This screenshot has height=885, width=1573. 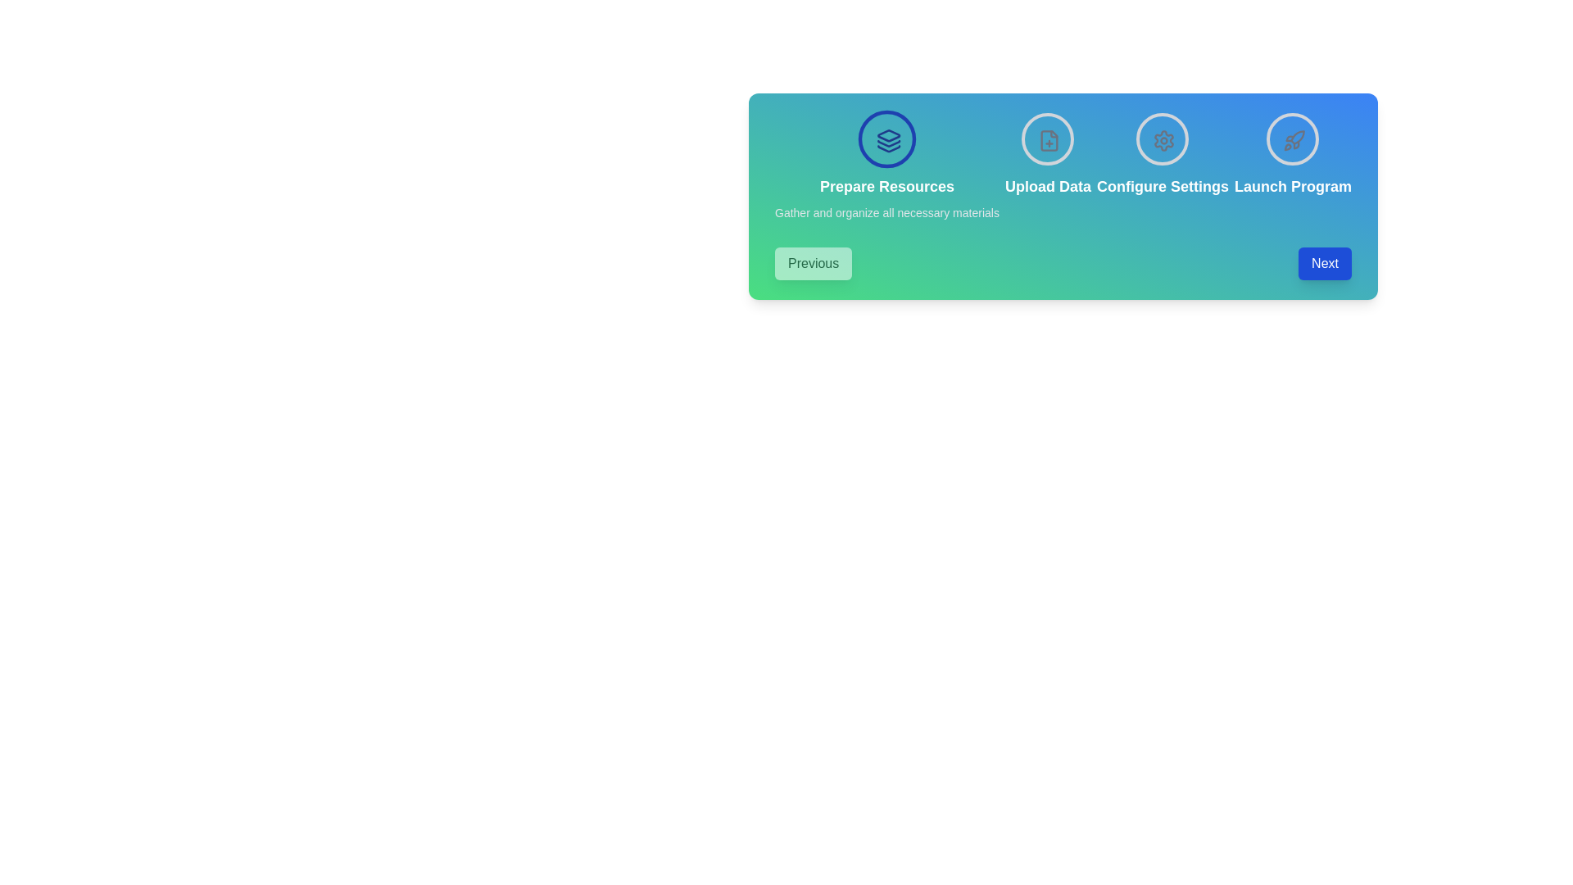 I want to click on 'Previous' button to navigate to the previous step, so click(x=814, y=262).